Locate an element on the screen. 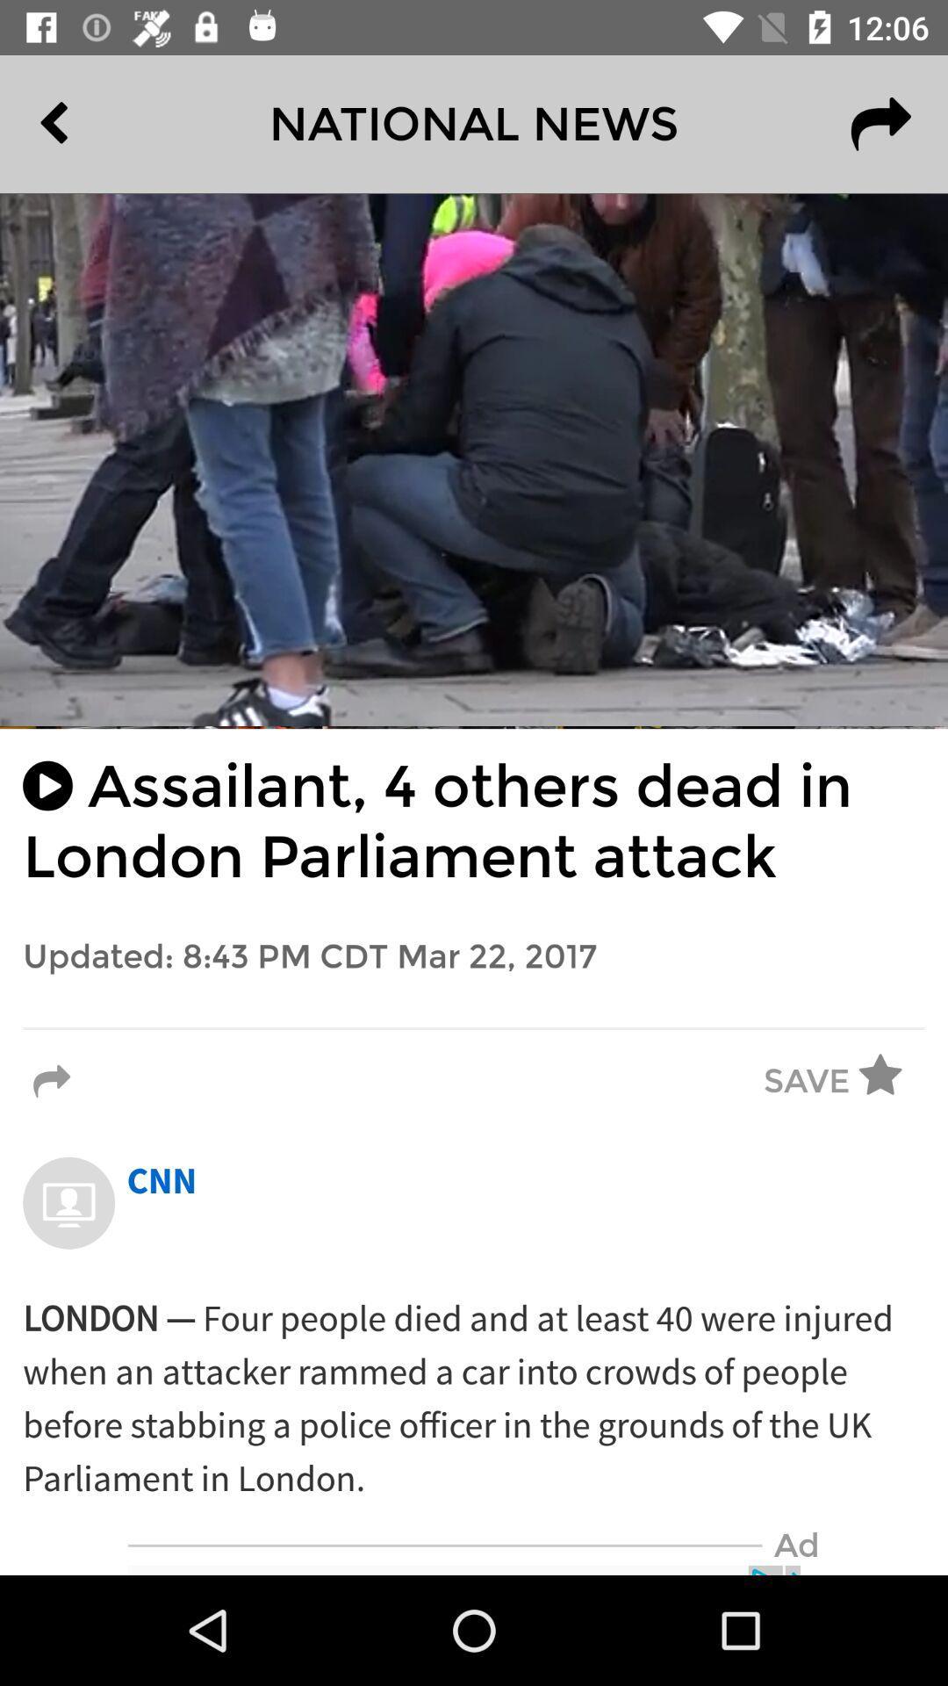  the icon at the top right corner is located at coordinates (880, 123).